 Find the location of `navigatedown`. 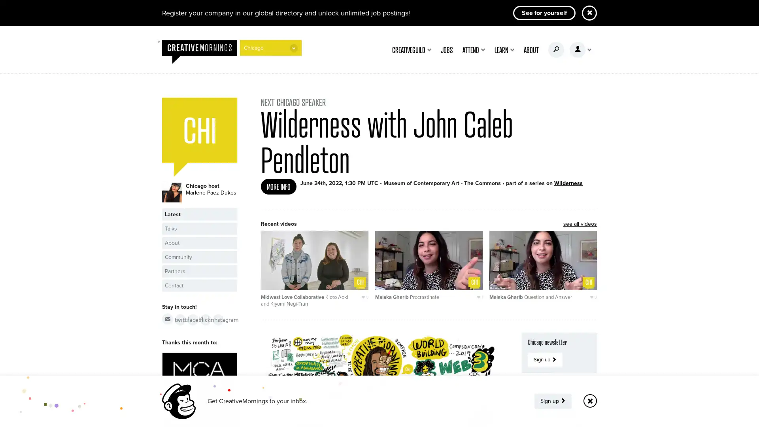

navigatedown is located at coordinates (293, 47).